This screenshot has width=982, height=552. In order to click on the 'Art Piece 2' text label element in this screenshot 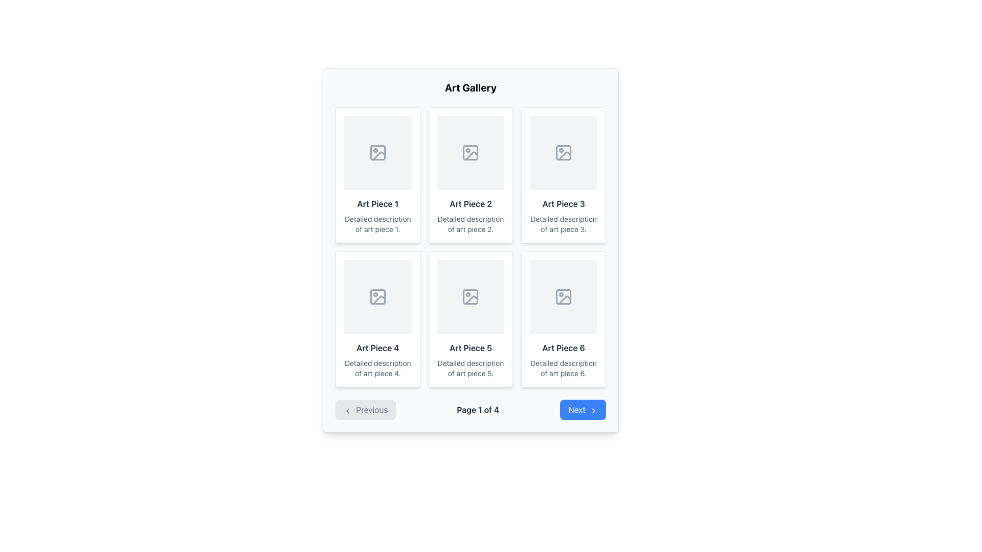, I will do `click(470, 203)`.